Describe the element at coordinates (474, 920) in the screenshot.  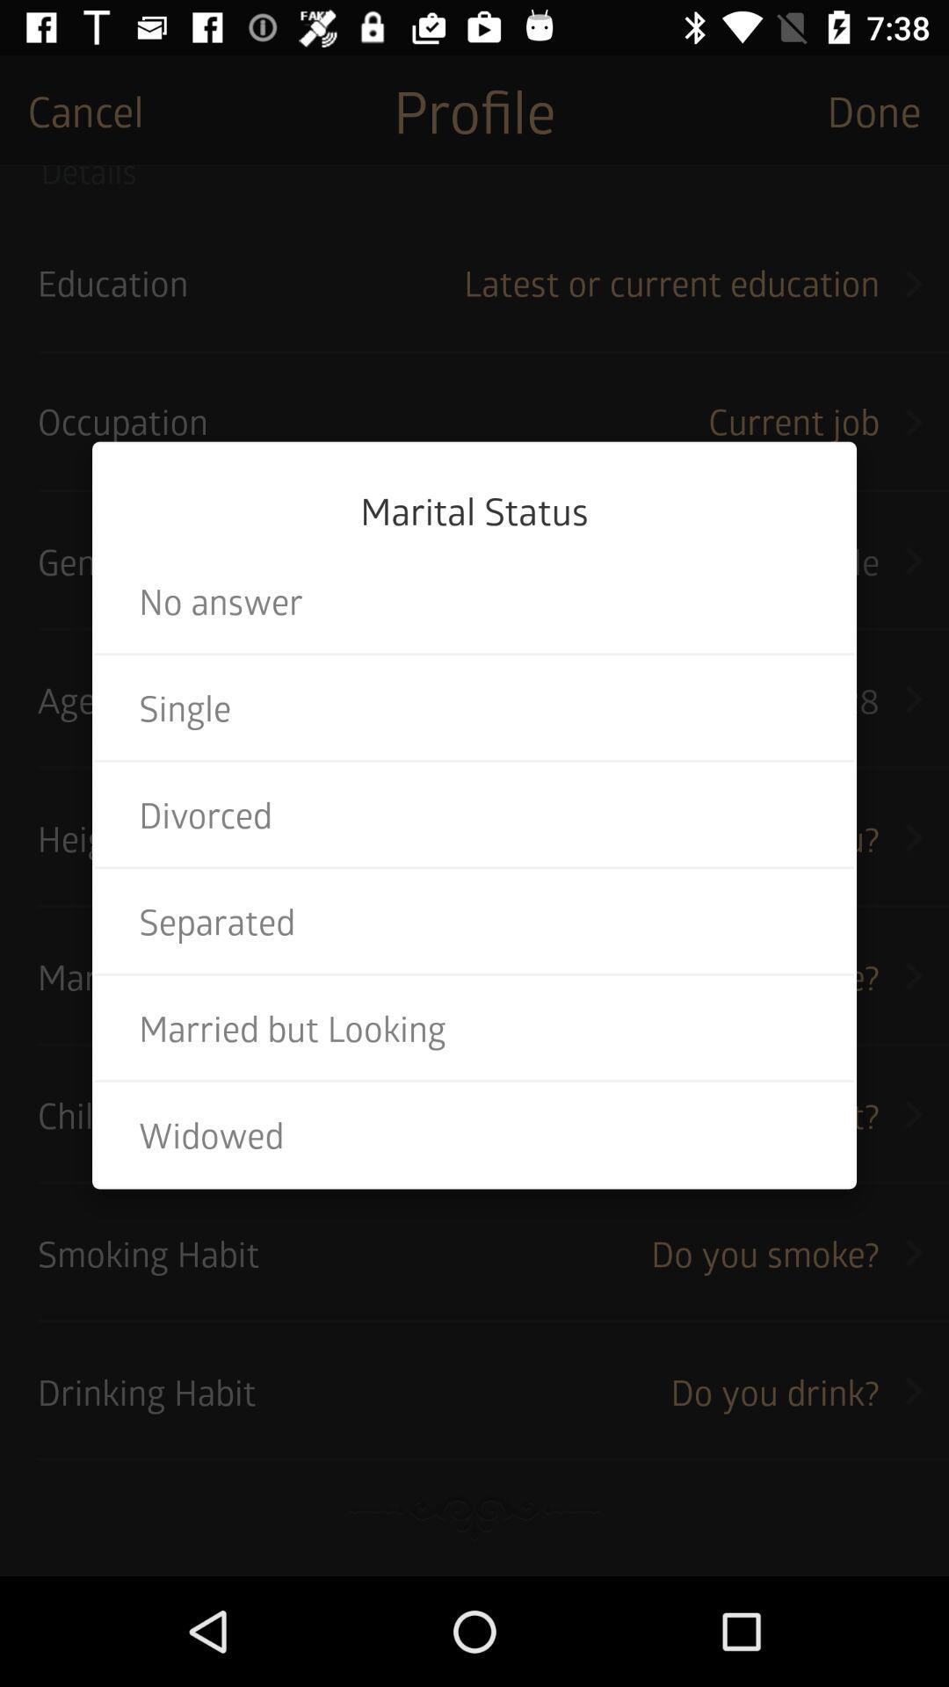
I see `icon above married but looking icon` at that location.